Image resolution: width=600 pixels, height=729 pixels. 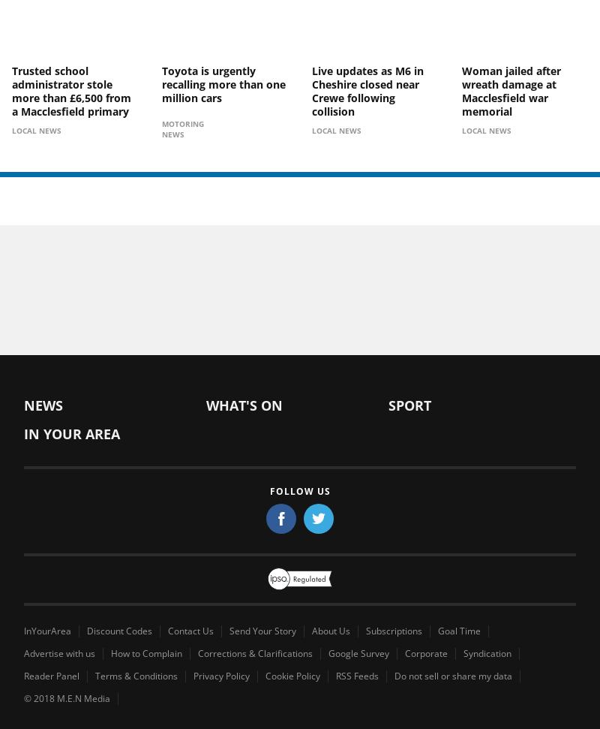 I want to click on 'Contact Us', so click(x=190, y=629).